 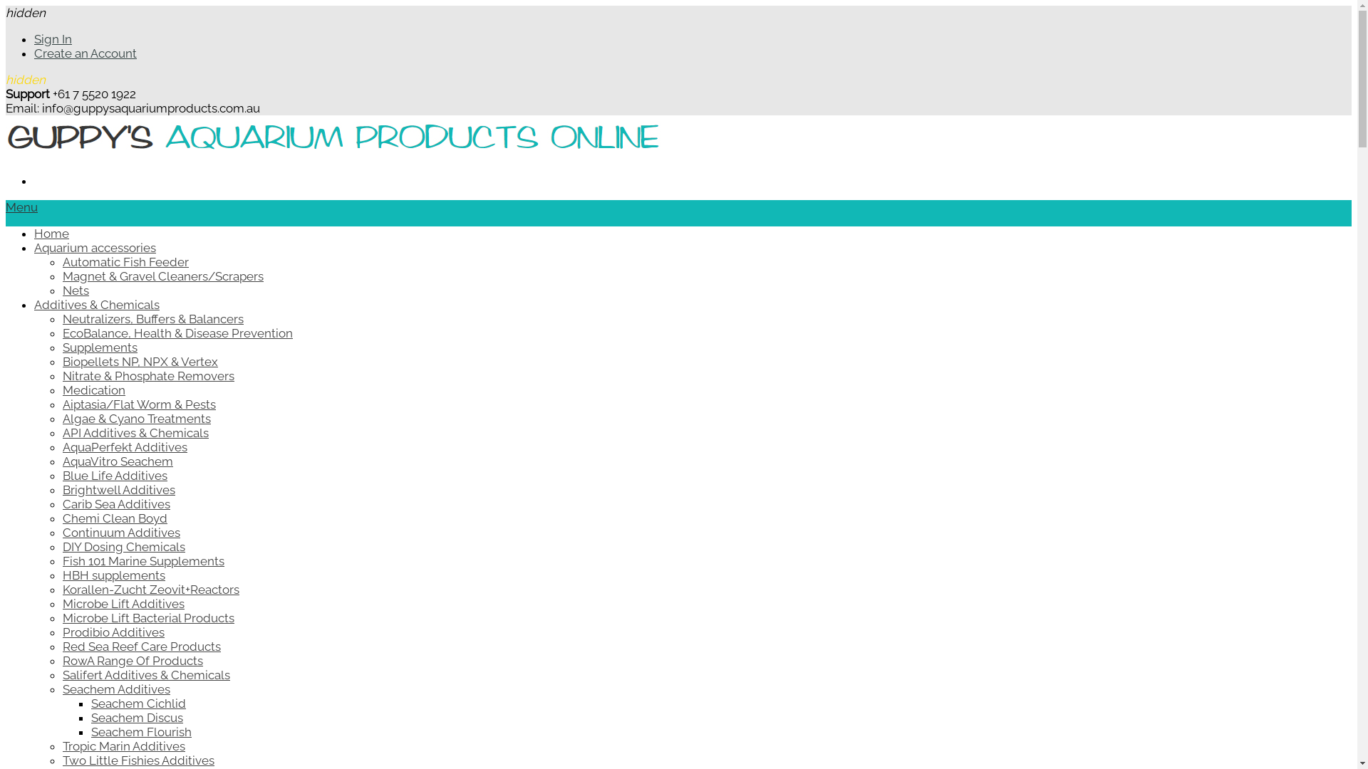 What do you see at coordinates (115, 518) in the screenshot?
I see `'Chemi Clean Boyd'` at bounding box center [115, 518].